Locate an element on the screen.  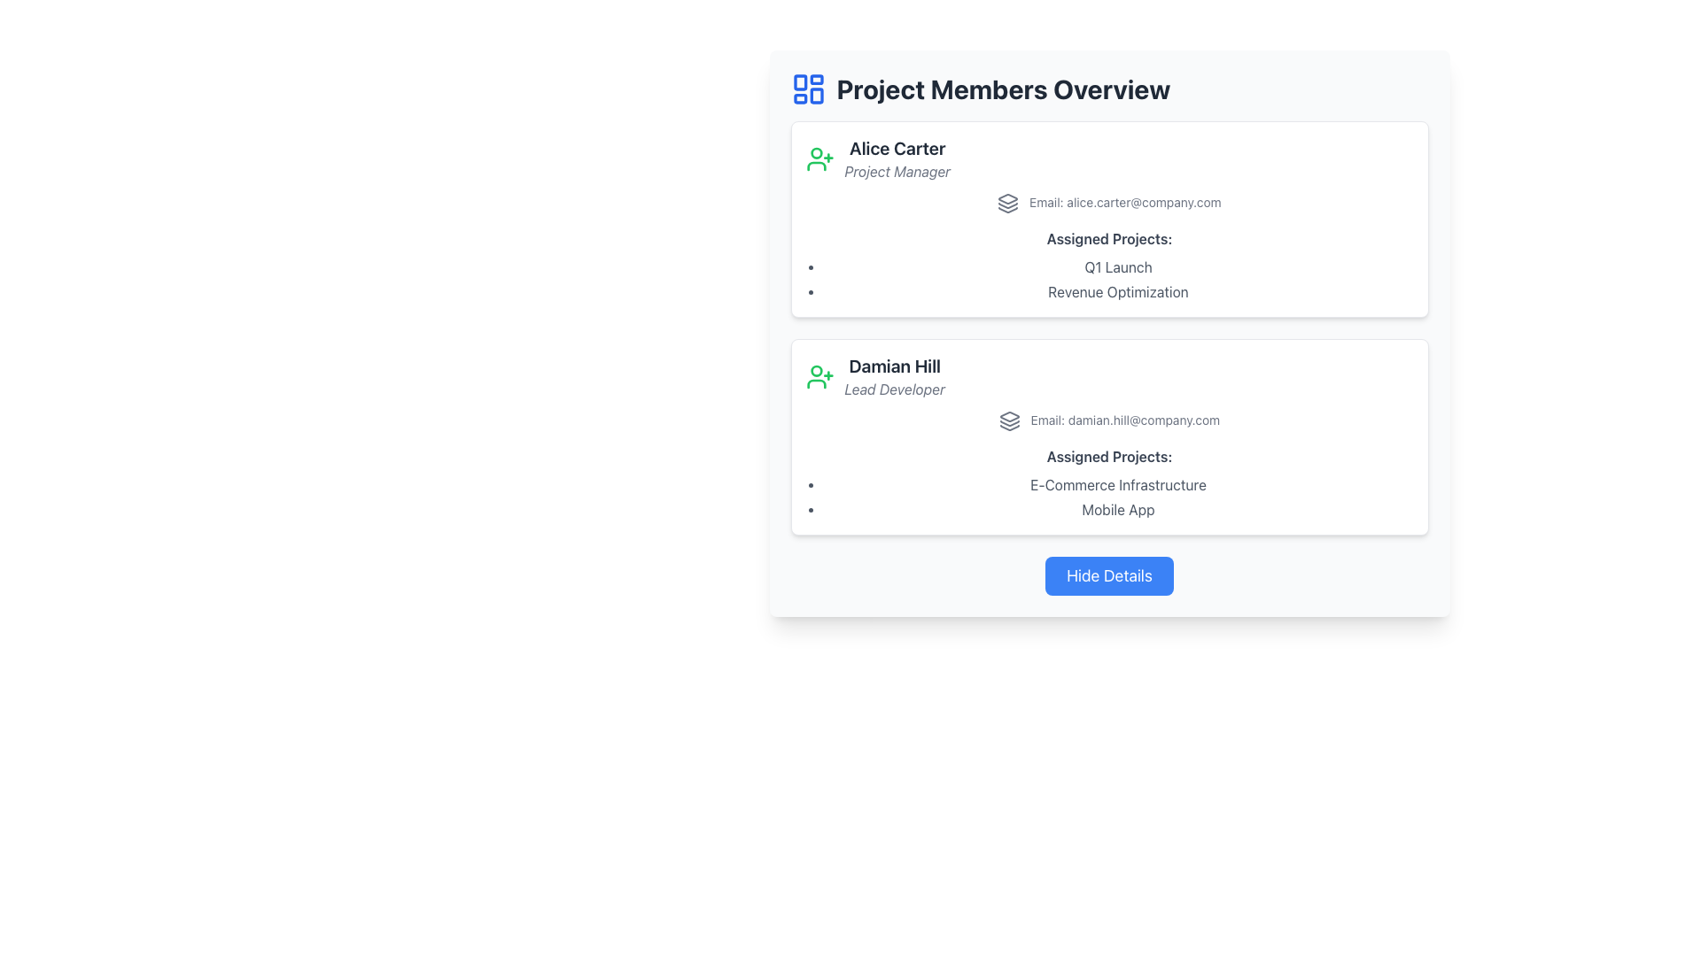
text label that serves as a heading for the projects assigned to 'Alice Carter', located within the top card of the two displayed cards is located at coordinates (1108, 239).